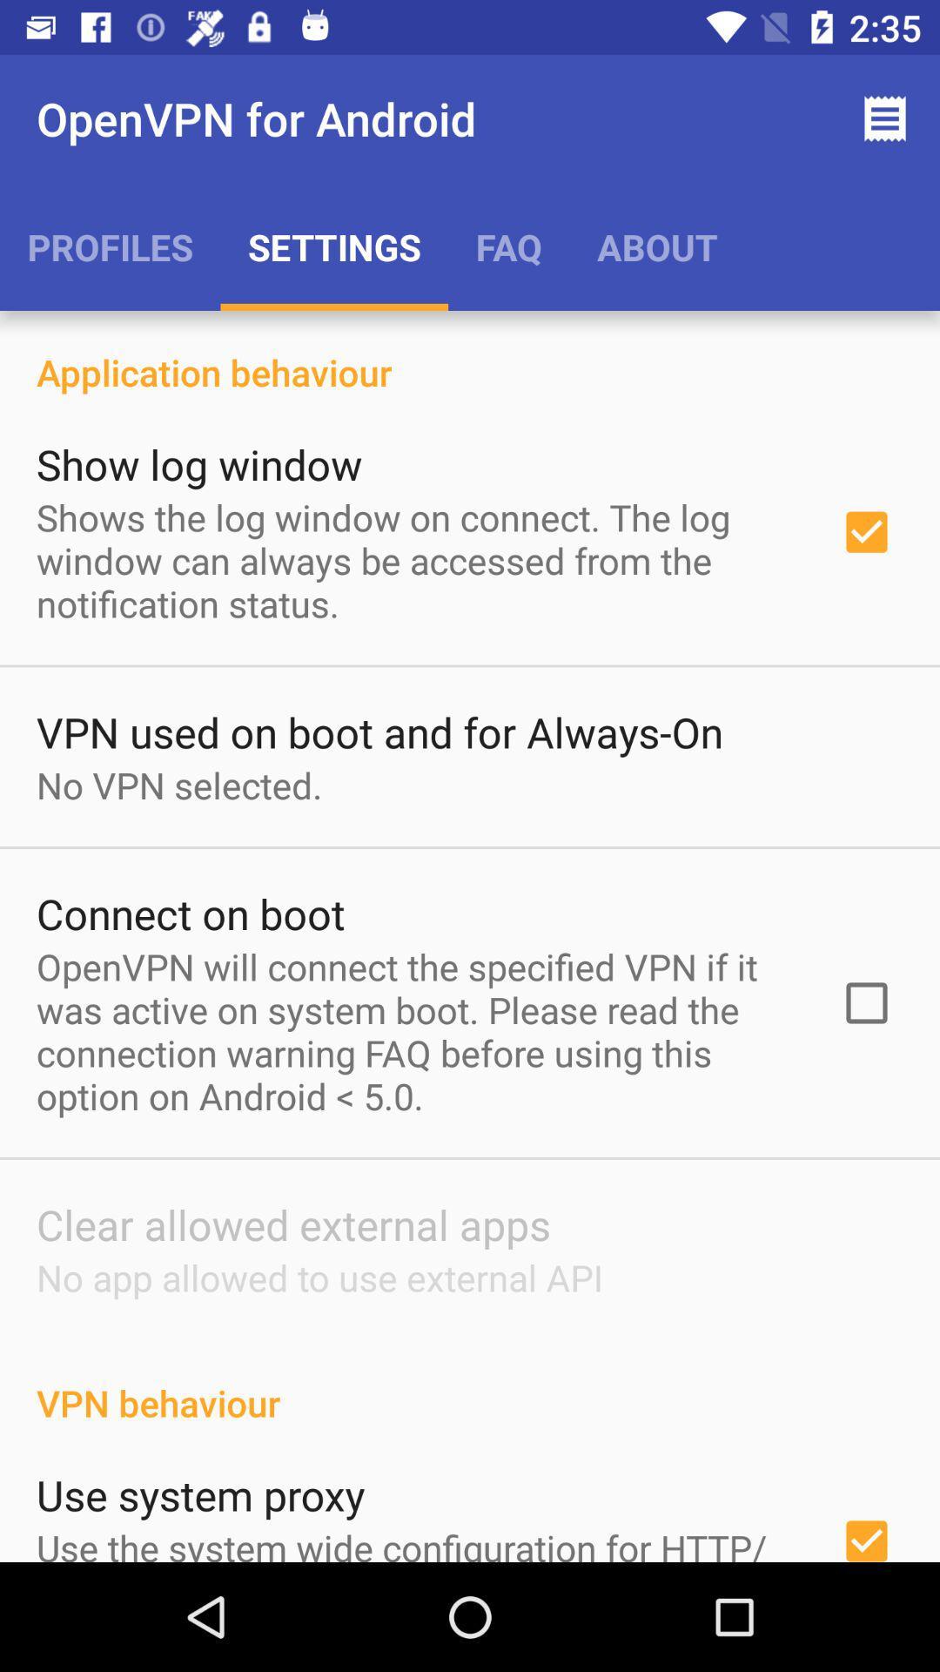 This screenshot has height=1672, width=940. What do you see at coordinates (470, 353) in the screenshot?
I see `the icon below the profiles` at bounding box center [470, 353].